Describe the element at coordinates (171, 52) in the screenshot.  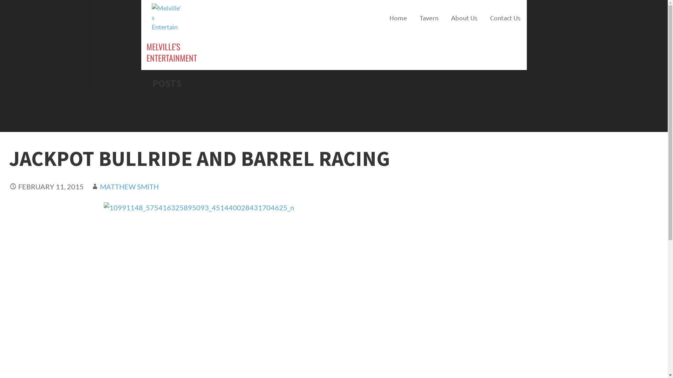
I see `'MELVILLE'S ENTERTAINMENT'` at that location.